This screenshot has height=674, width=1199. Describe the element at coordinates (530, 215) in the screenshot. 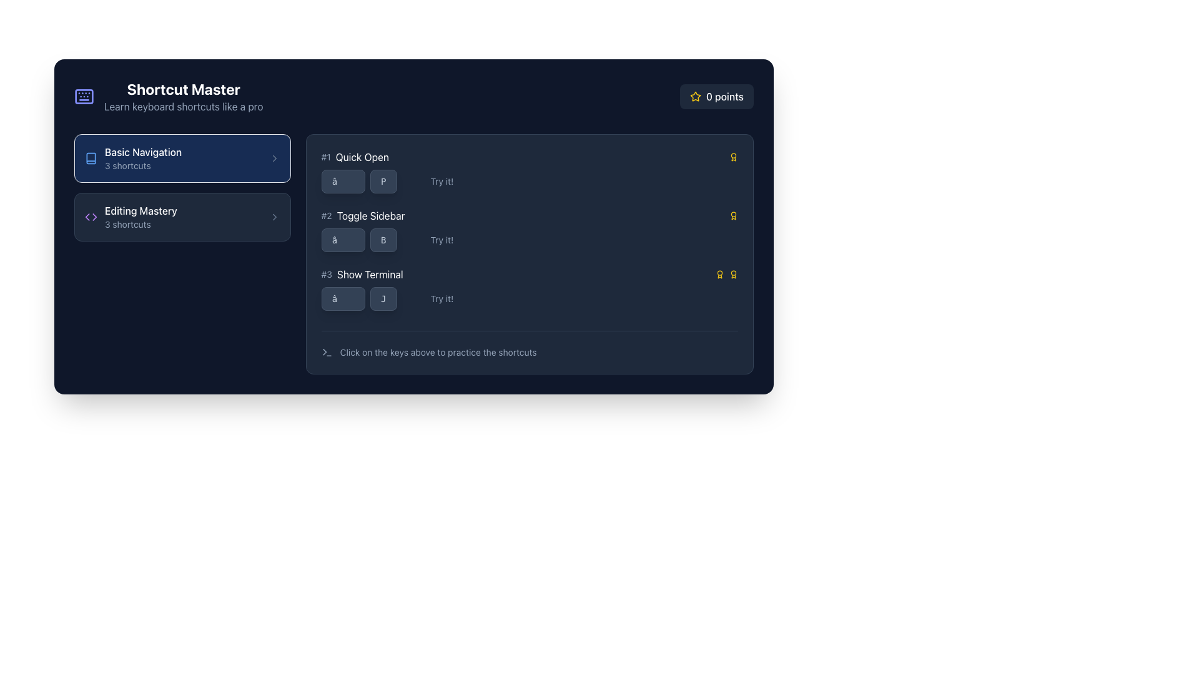

I see `the 'Toggle Sidebar' menu option, which is the second item in the vertical list, to interact with it` at that location.